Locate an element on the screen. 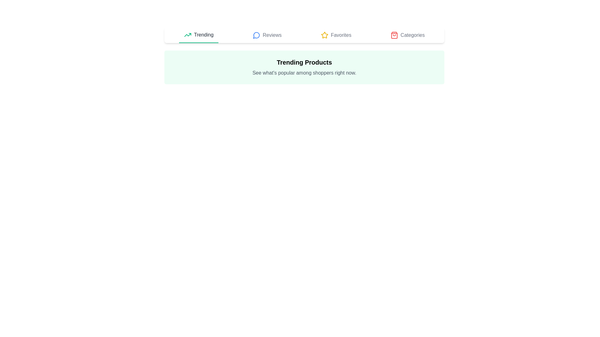  the second button in the horizontal navigation bar, which is positioned between the 'Trending' and 'Favorites' options is located at coordinates (267, 35).